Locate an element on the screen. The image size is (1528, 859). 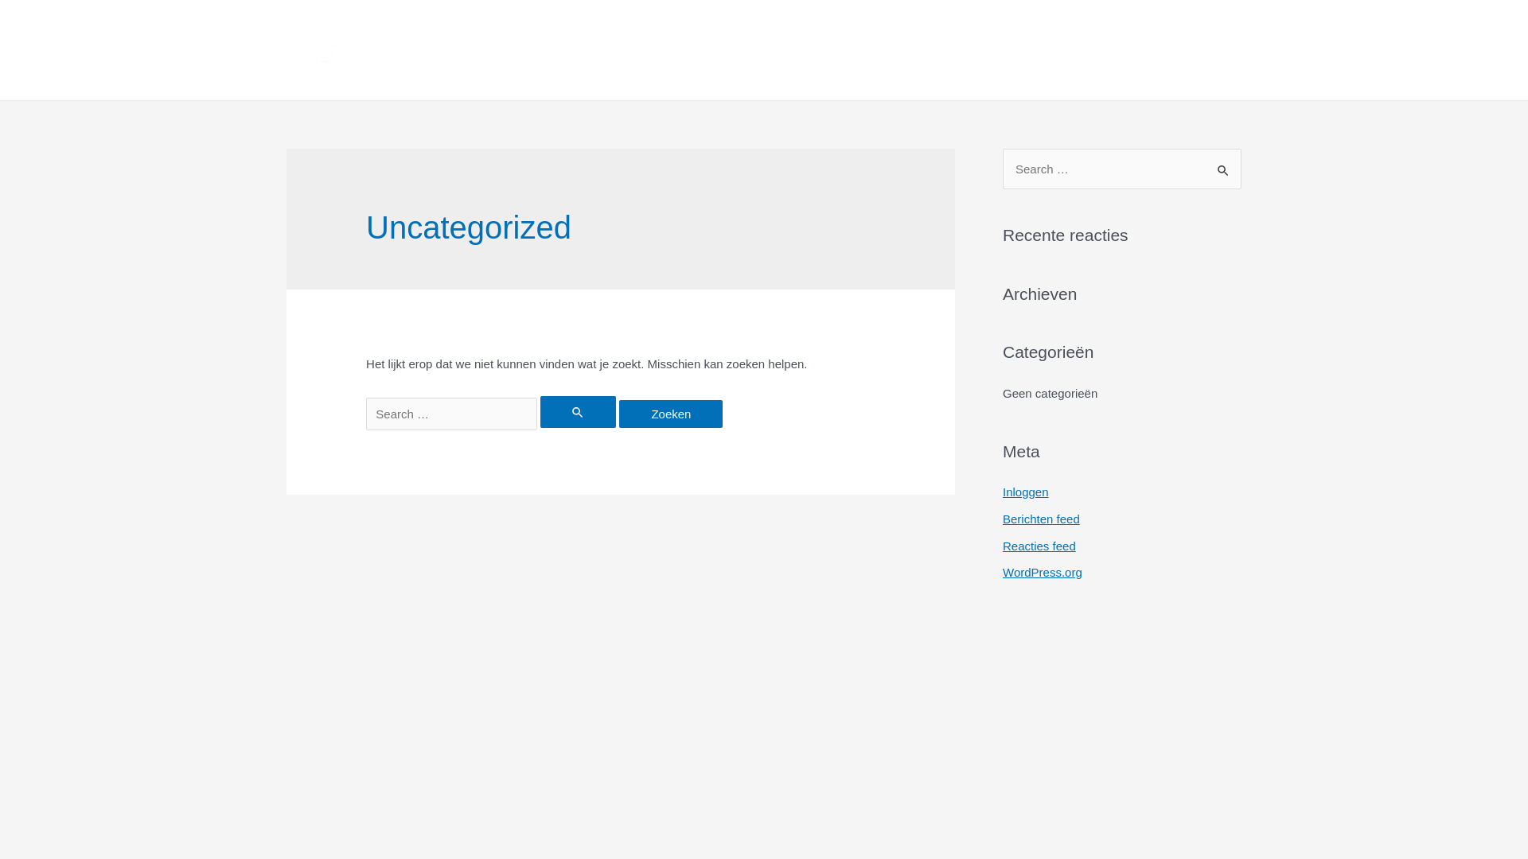
'Over ons' is located at coordinates (979, 49).